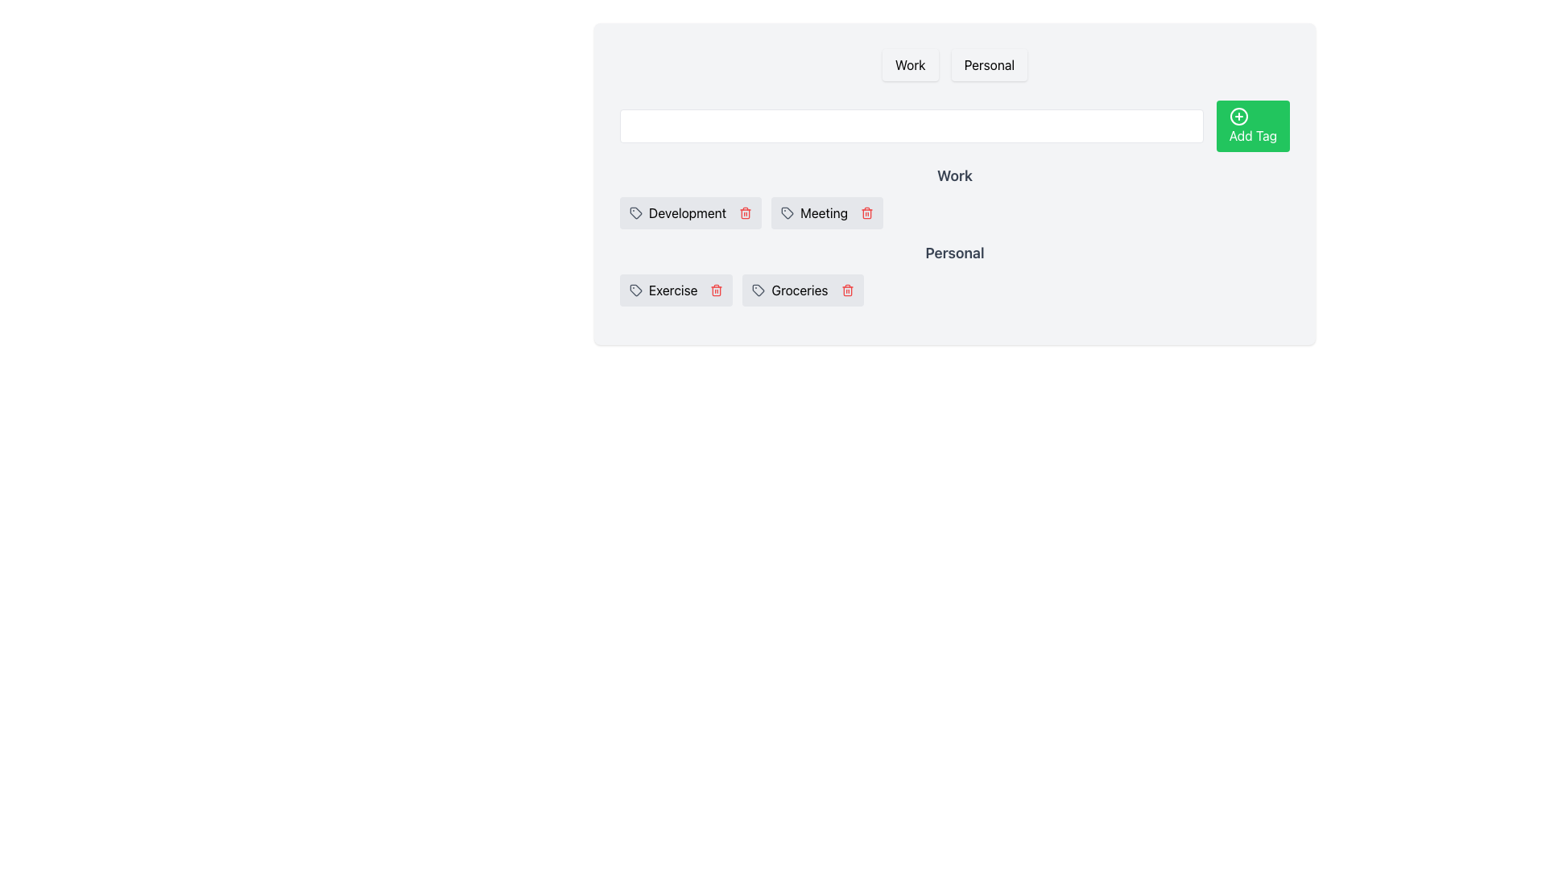  What do you see at coordinates (827, 212) in the screenshot?
I see `the second tag labeled 'Meeting' with a gray background and a trash bin icon` at bounding box center [827, 212].